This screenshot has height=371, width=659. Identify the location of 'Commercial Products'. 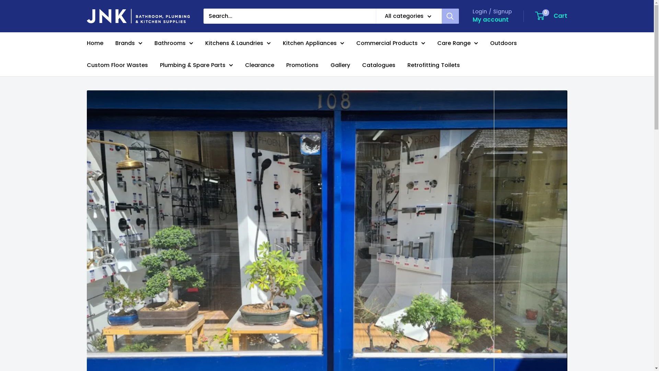
(391, 43).